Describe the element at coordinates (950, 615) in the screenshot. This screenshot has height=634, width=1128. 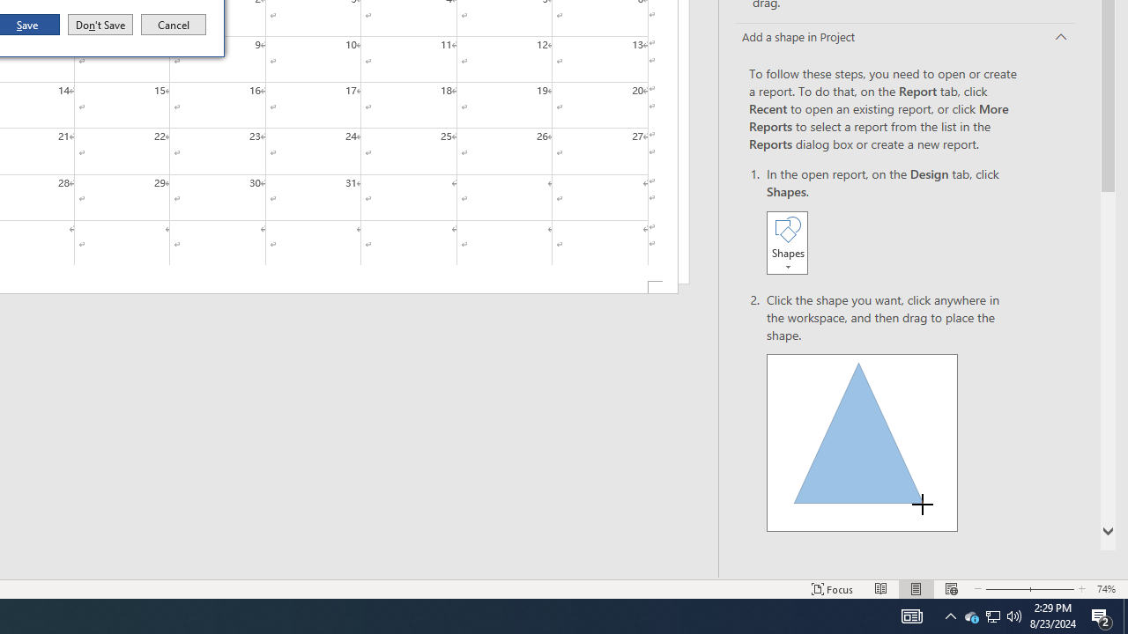
I see `'Notification Chevron'` at that location.